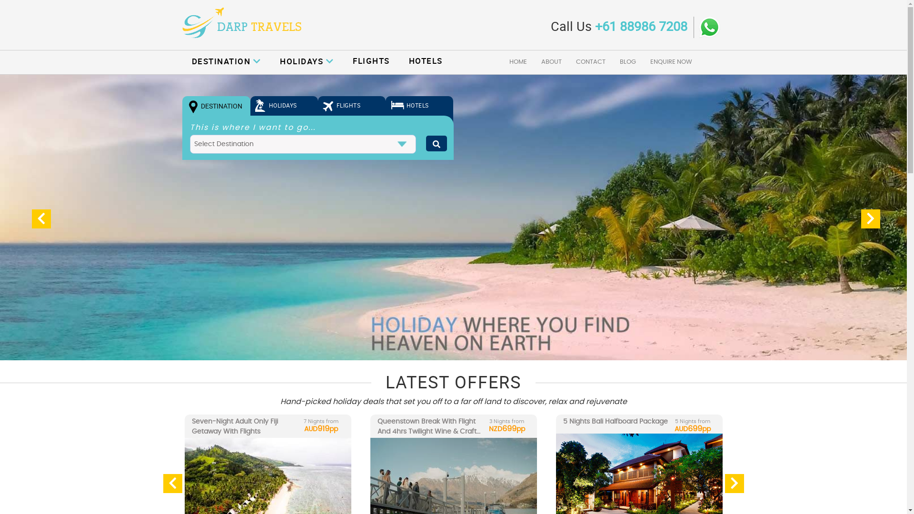 The width and height of the screenshot is (914, 514). What do you see at coordinates (628, 62) in the screenshot?
I see `'BLOG'` at bounding box center [628, 62].